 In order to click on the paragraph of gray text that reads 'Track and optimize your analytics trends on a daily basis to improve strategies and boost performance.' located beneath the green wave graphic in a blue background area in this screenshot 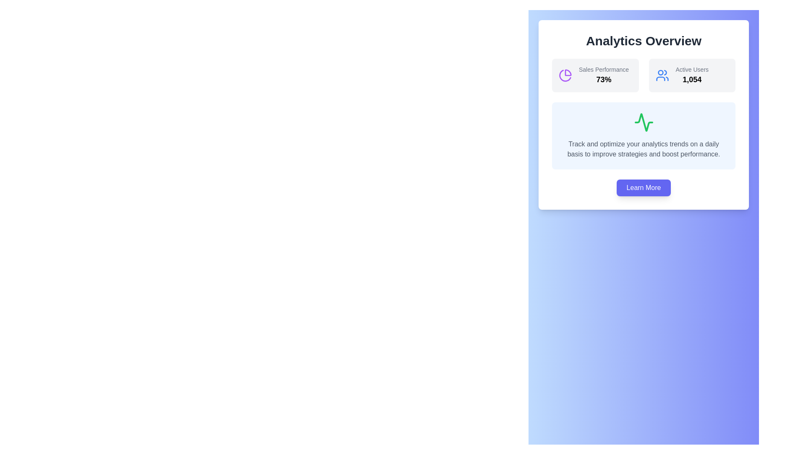, I will do `click(643, 148)`.